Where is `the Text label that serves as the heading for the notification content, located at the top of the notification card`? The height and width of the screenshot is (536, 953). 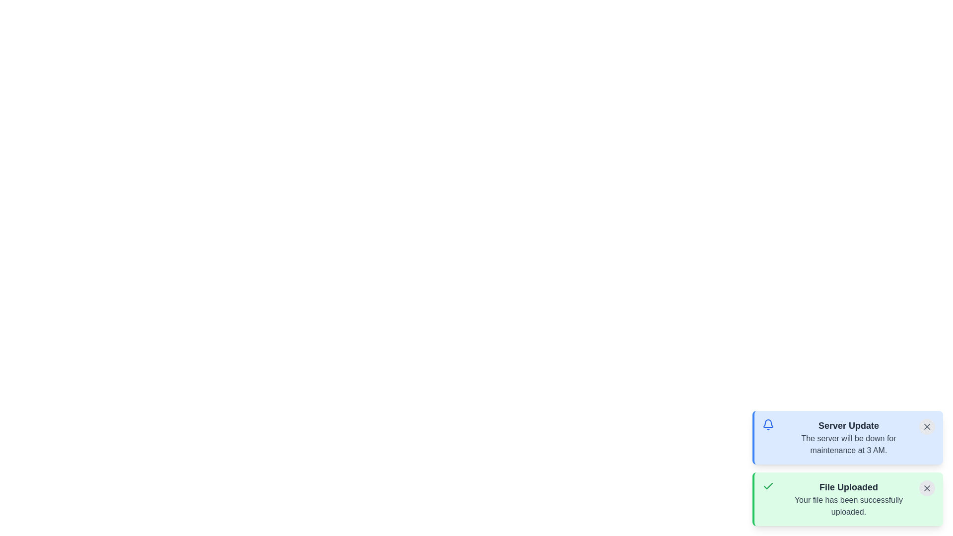 the Text label that serves as the heading for the notification content, located at the top of the notification card is located at coordinates (848, 425).